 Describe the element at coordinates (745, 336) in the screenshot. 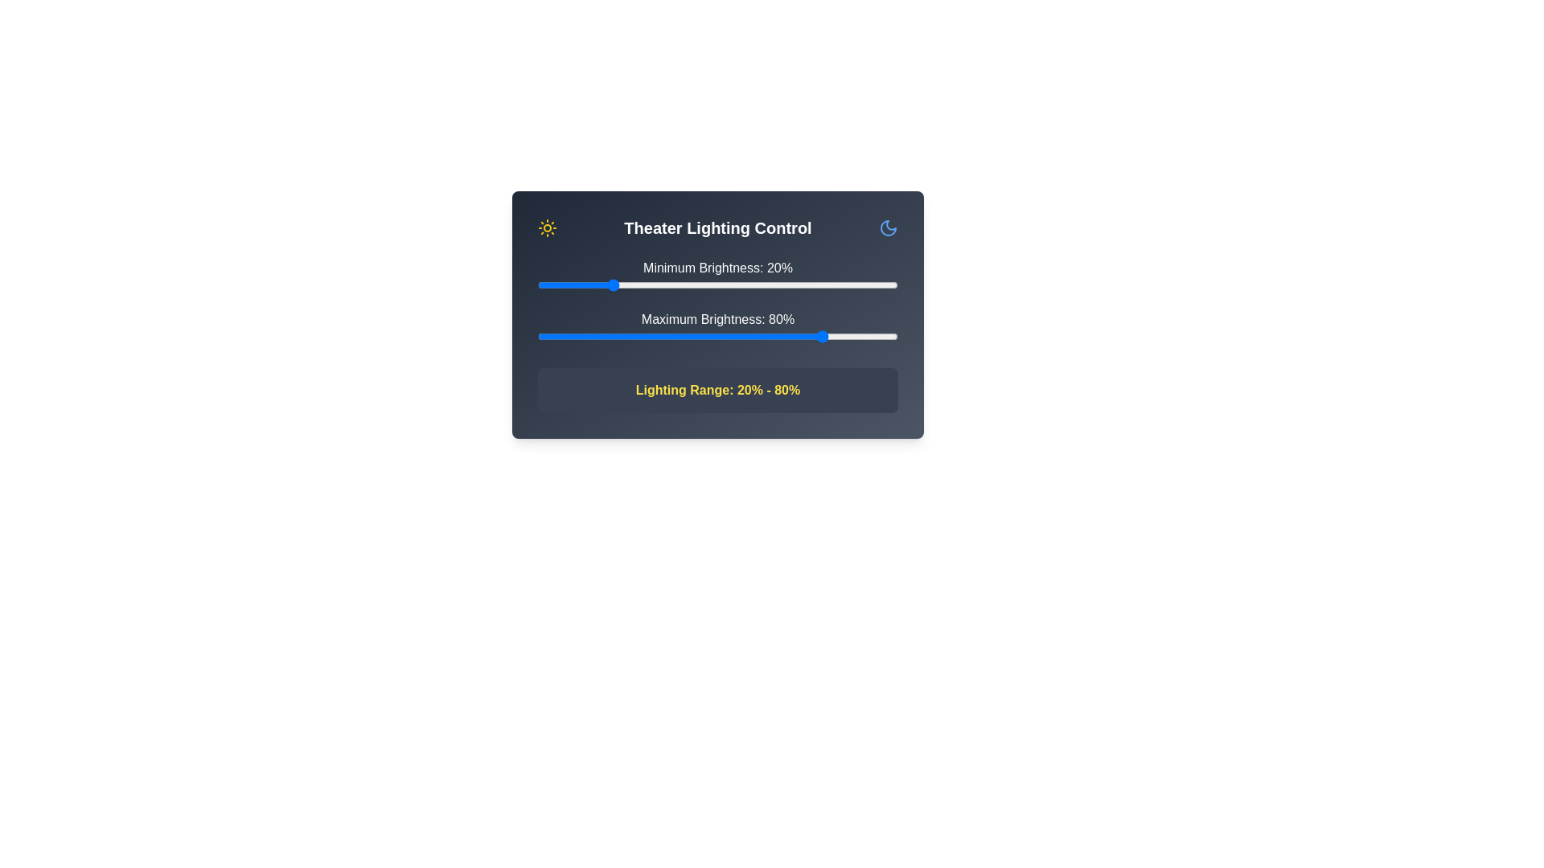

I see `the maximum brightness slider to 58%` at that location.